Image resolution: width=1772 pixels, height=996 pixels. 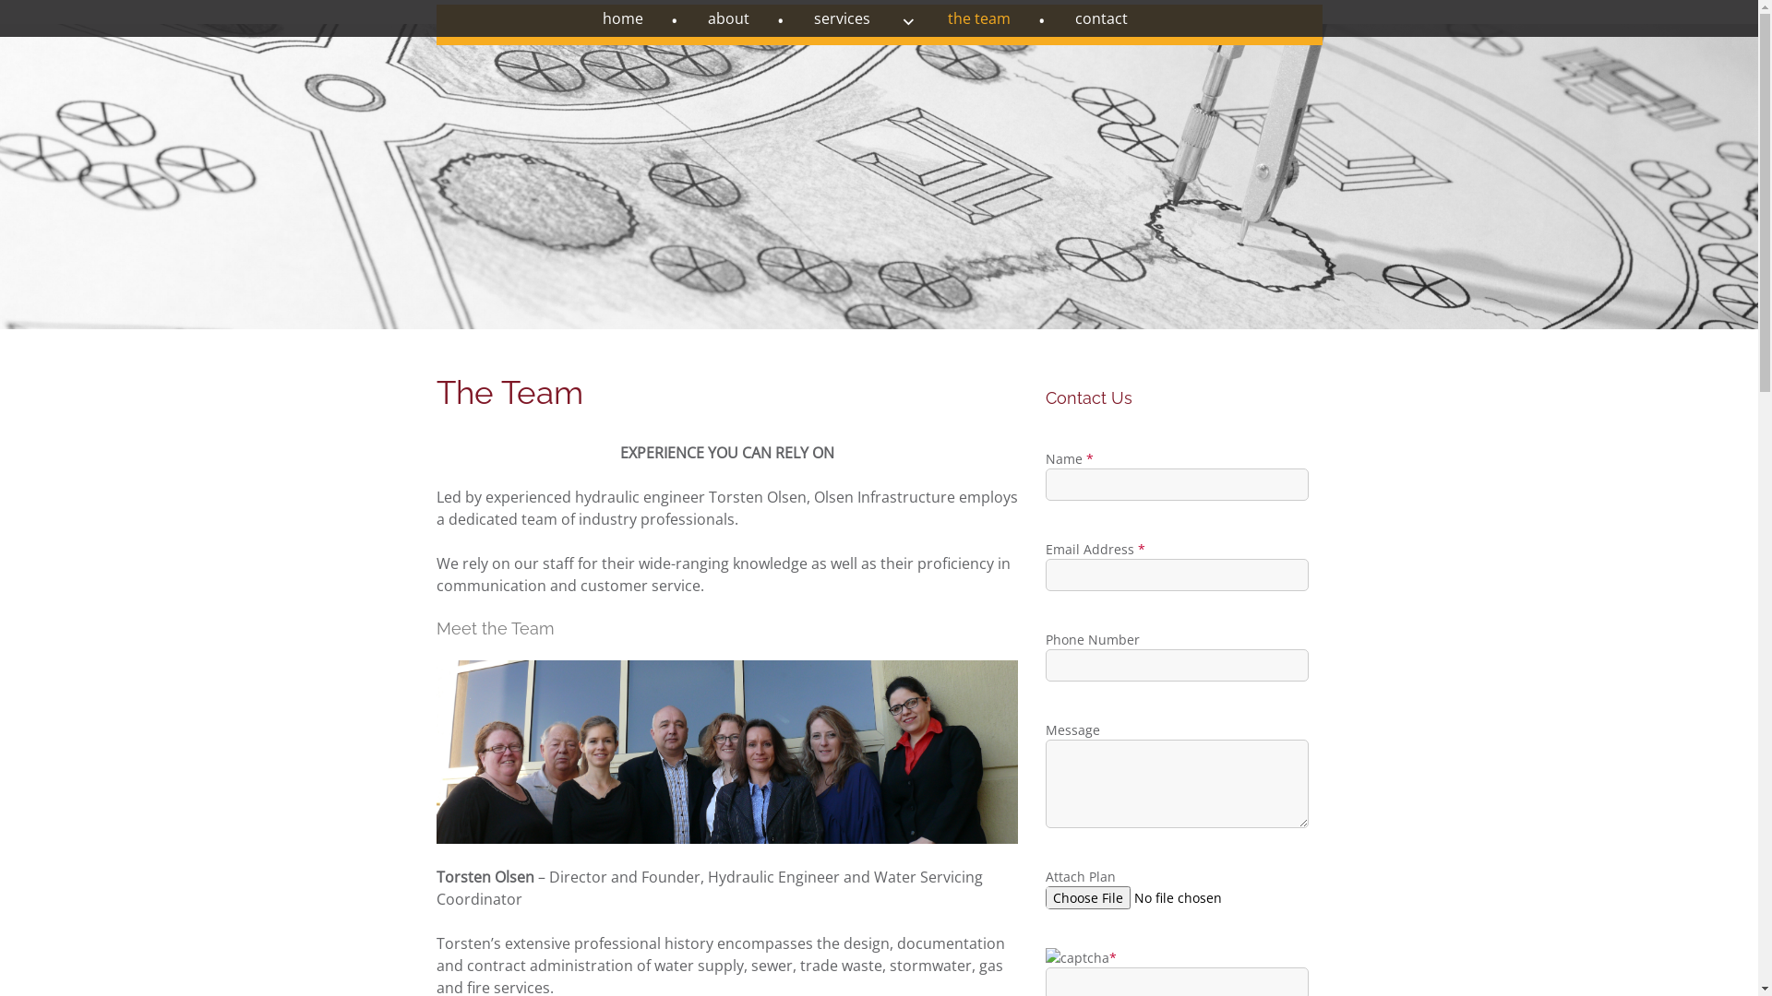 What do you see at coordinates (746, 18) in the screenshot?
I see `'about'` at bounding box center [746, 18].